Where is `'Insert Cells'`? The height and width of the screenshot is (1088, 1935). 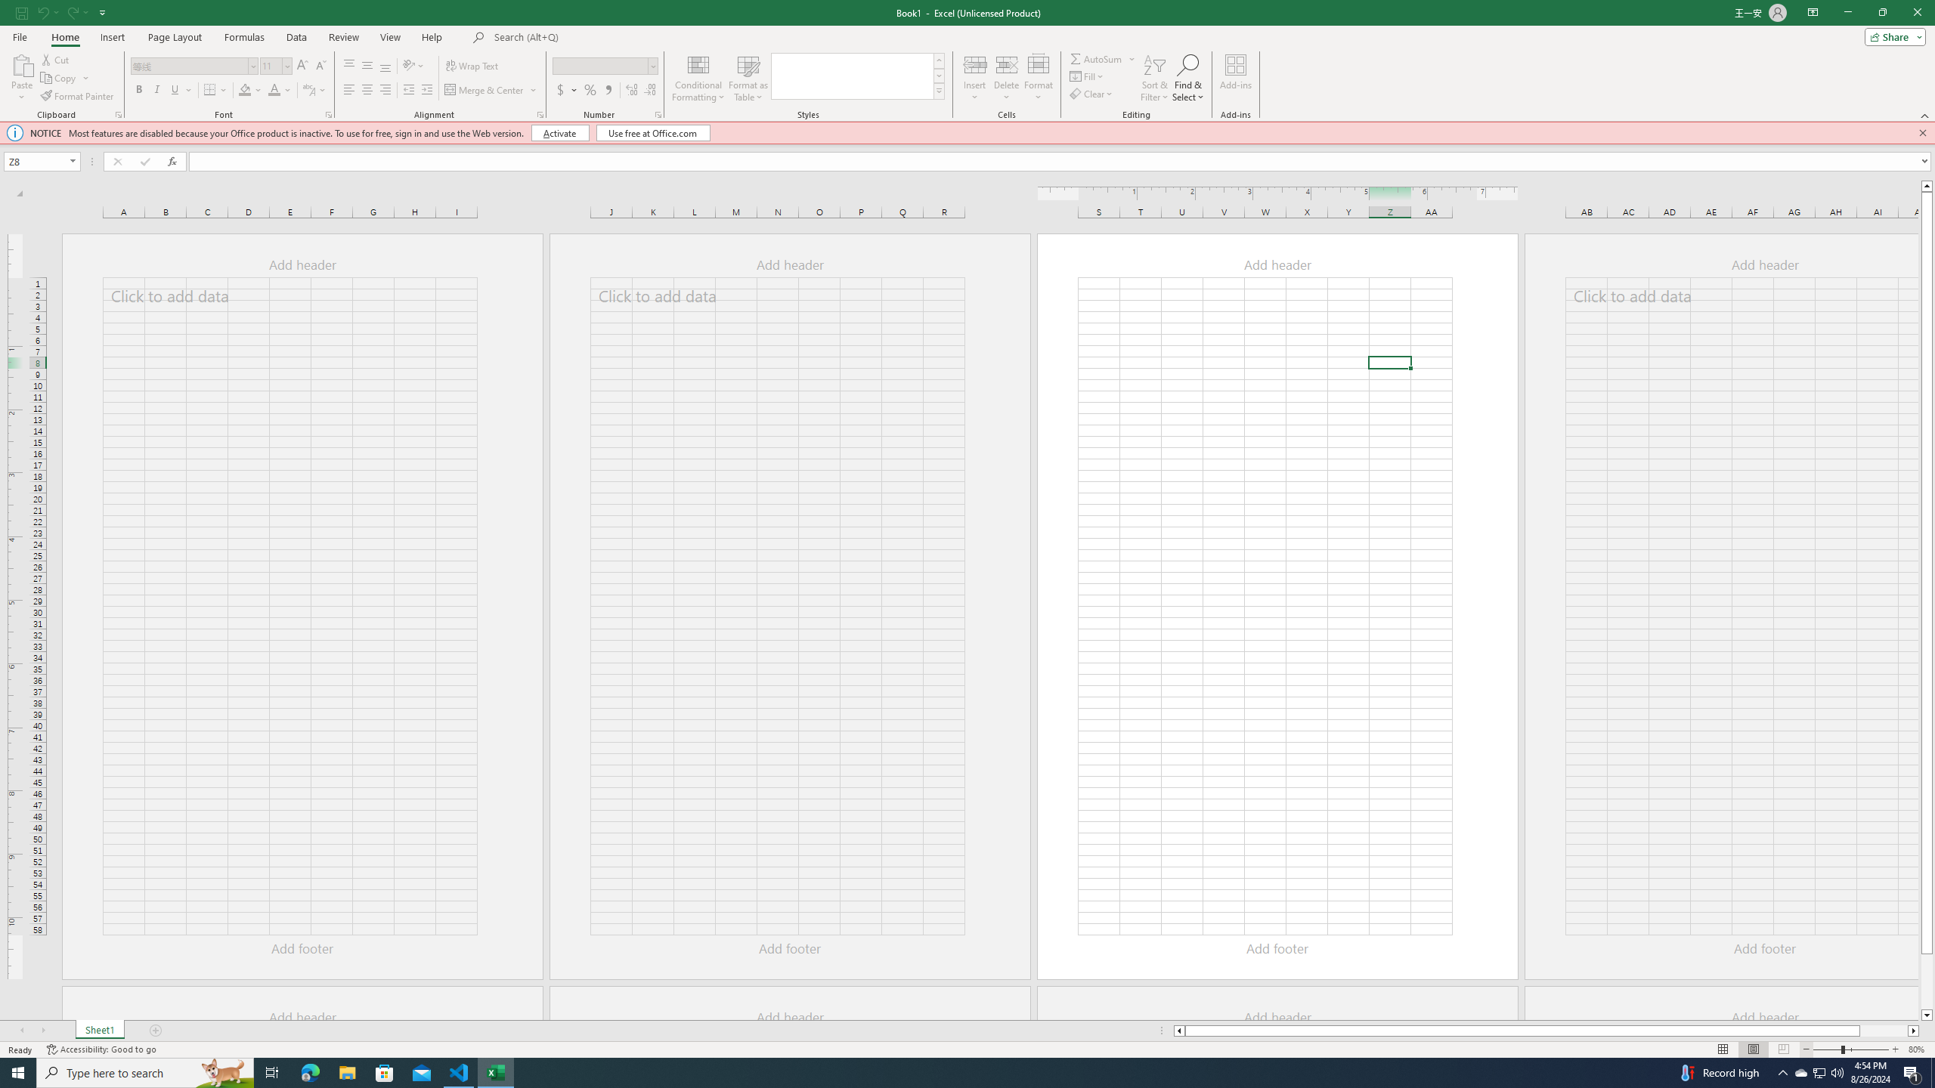
'Insert Cells' is located at coordinates (974, 63).